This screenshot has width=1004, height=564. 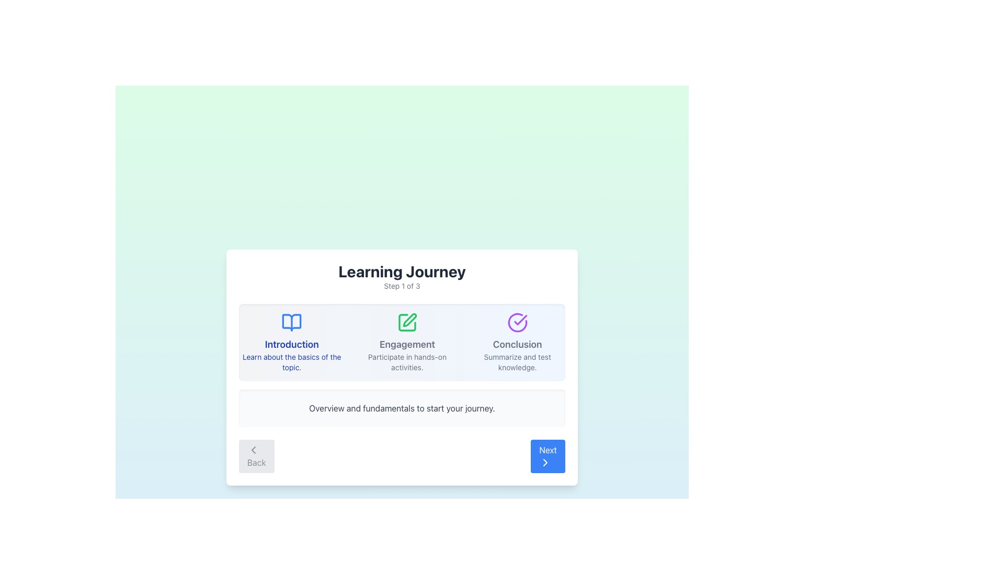 What do you see at coordinates (253, 449) in the screenshot?
I see `the 'Back' button which contains the chevron icon indicating backward navigation, located at the bottom-left of the content area` at bounding box center [253, 449].